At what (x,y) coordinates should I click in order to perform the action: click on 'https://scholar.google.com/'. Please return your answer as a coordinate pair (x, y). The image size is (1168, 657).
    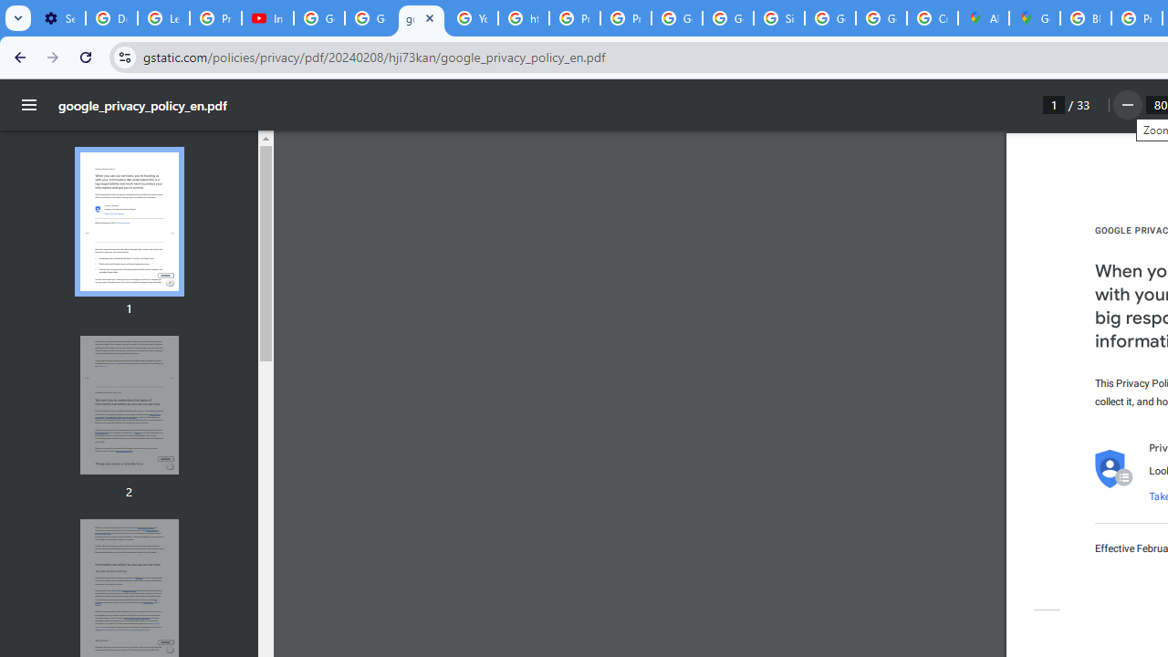
    Looking at the image, I should click on (523, 18).